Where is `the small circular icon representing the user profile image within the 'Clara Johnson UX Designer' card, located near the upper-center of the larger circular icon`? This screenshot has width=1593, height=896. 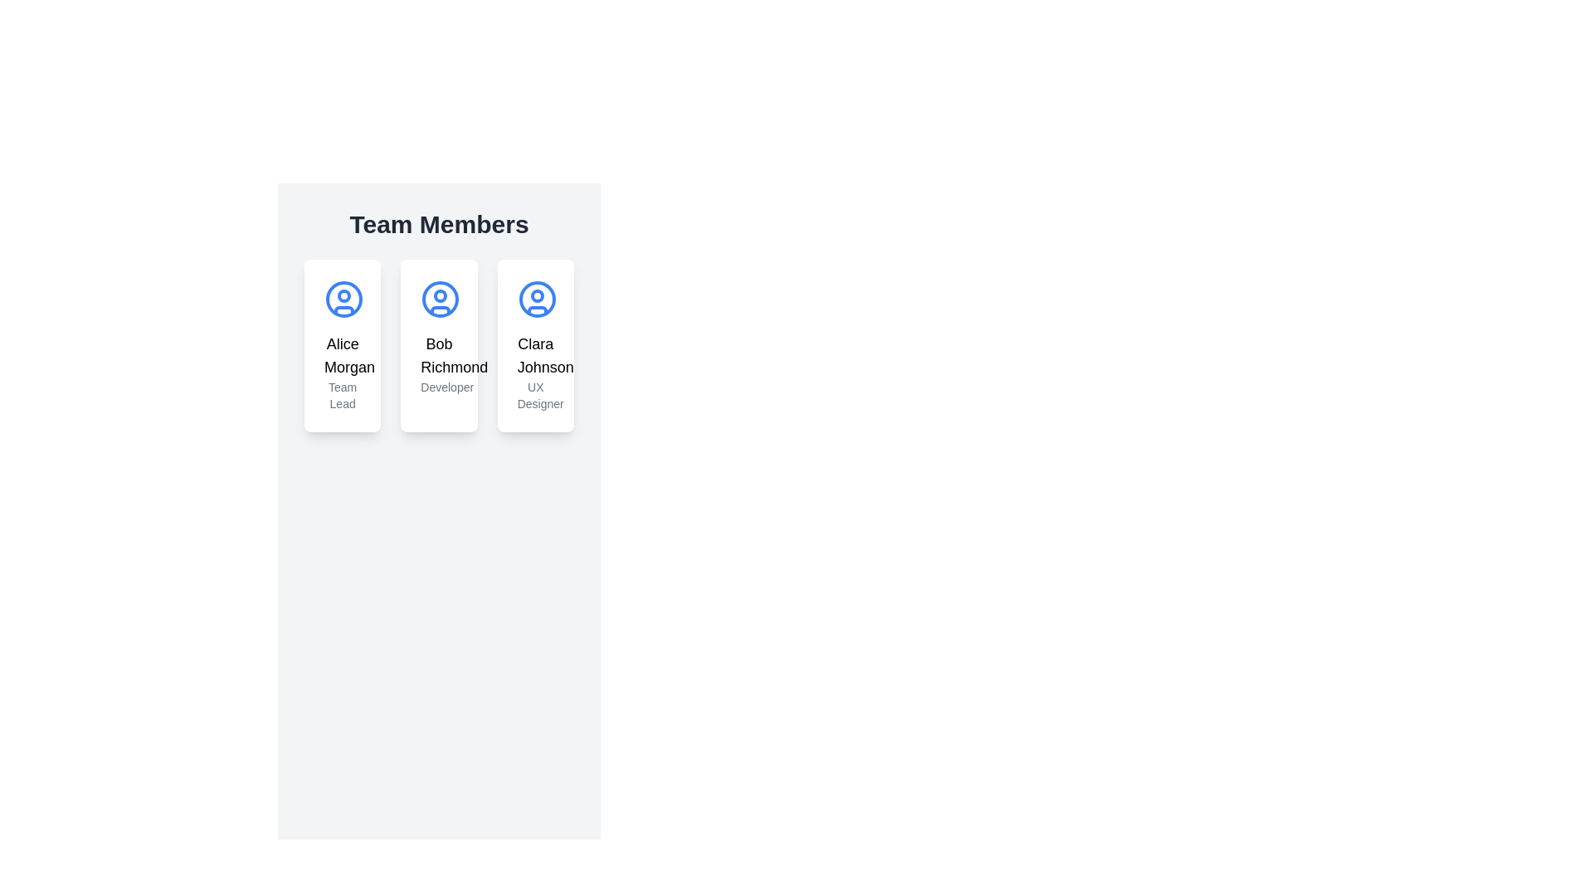 the small circular icon representing the user profile image within the 'Clara Johnson UX Designer' card, located near the upper-center of the larger circular icon is located at coordinates (537, 295).